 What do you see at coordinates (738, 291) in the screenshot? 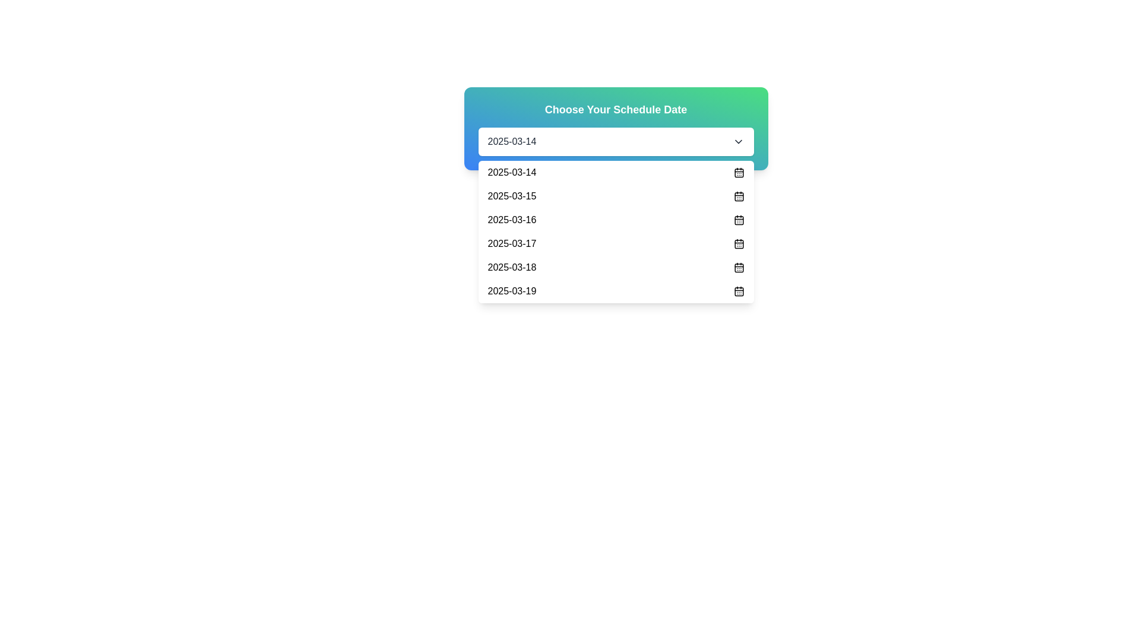
I see `the SVG icon located at the far right end of the dropdown list item corresponding to the date '2025-03-19'` at bounding box center [738, 291].